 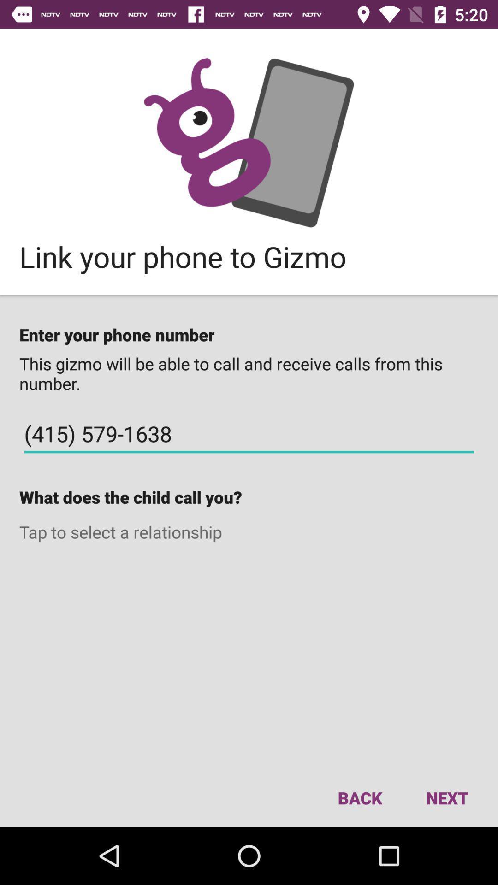 I want to click on the icon to the right of the back icon, so click(x=446, y=797).